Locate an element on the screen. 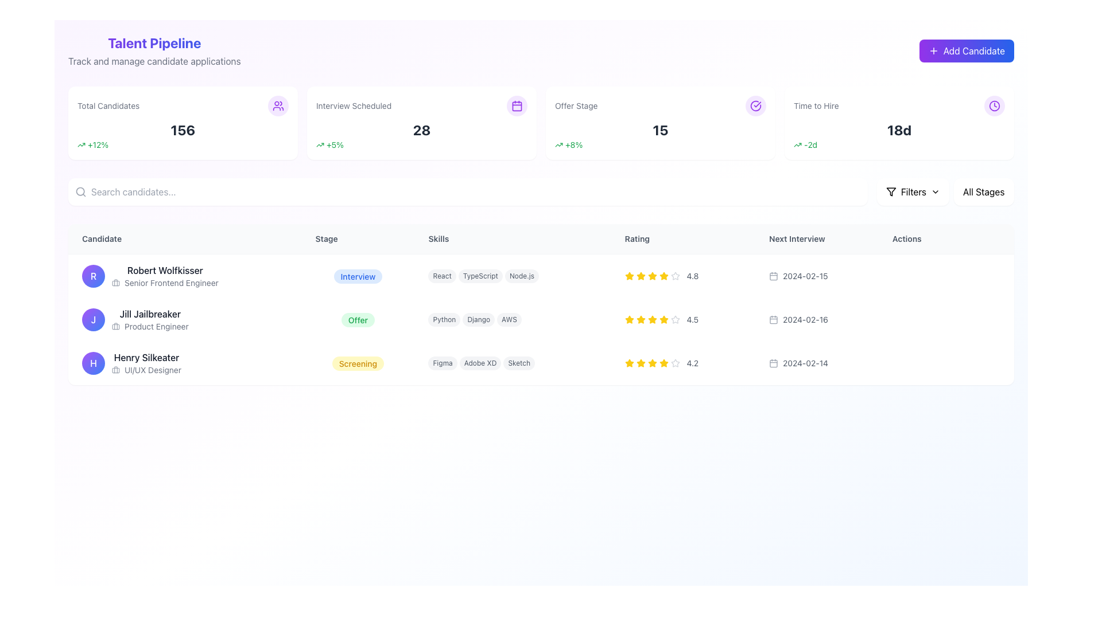  the decorative status icon located on the right side of the 'Offer Stage' section, next to the numeric indicator is located at coordinates (755, 106).